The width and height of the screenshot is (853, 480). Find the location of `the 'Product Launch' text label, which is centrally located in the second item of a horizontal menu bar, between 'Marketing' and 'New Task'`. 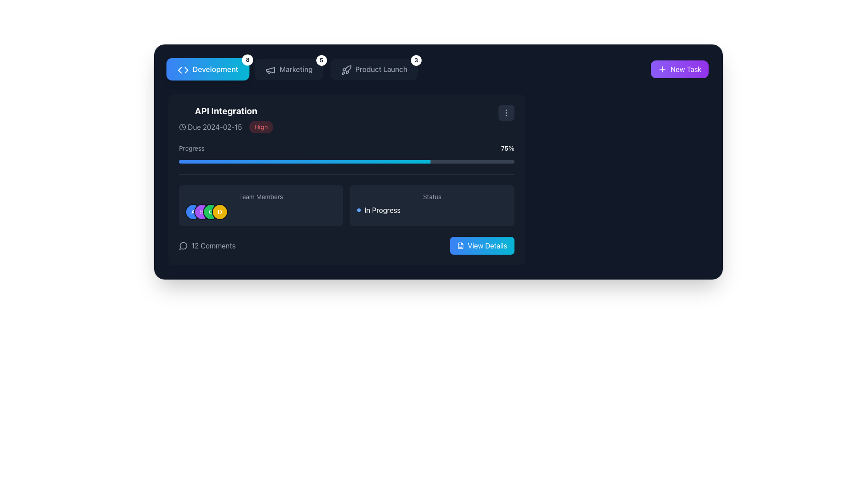

the 'Product Launch' text label, which is centrally located in the second item of a horizontal menu bar, between 'Marketing' and 'New Task' is located at coordinates (381, 68).